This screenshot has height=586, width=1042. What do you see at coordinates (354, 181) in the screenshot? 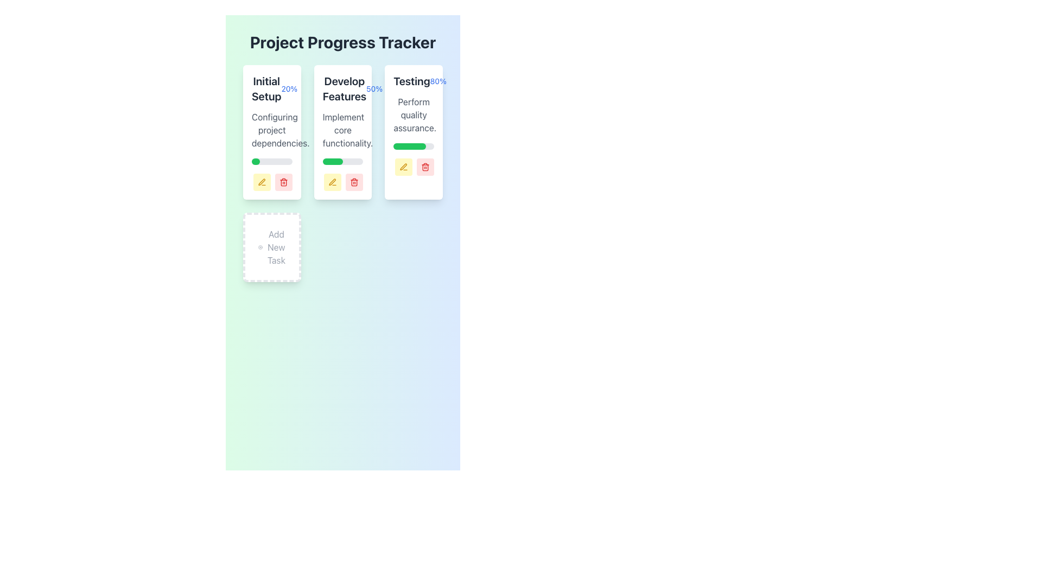
I see `the delete button located as the second button from the right in the third card of the 'Project Progress Tracker' interface` at bounding box center [354, 181].